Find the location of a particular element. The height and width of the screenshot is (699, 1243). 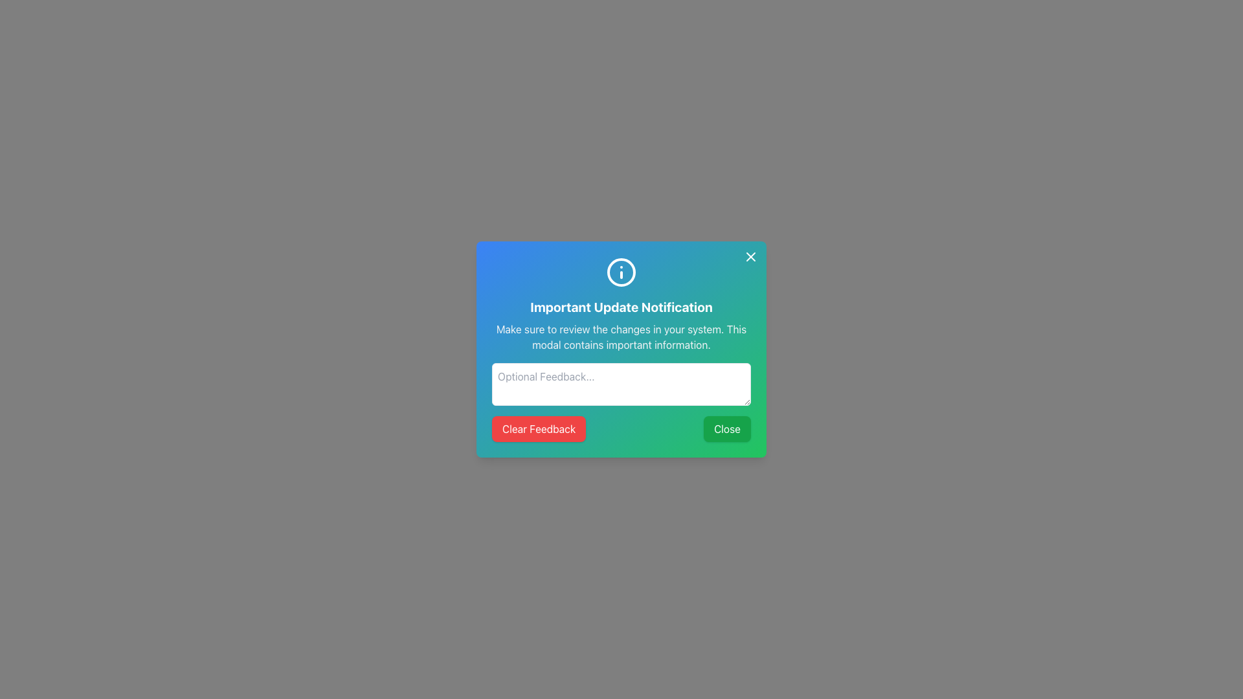

the close button located at the bottom-right corner of the modal window is located at coordinates (727, 429).